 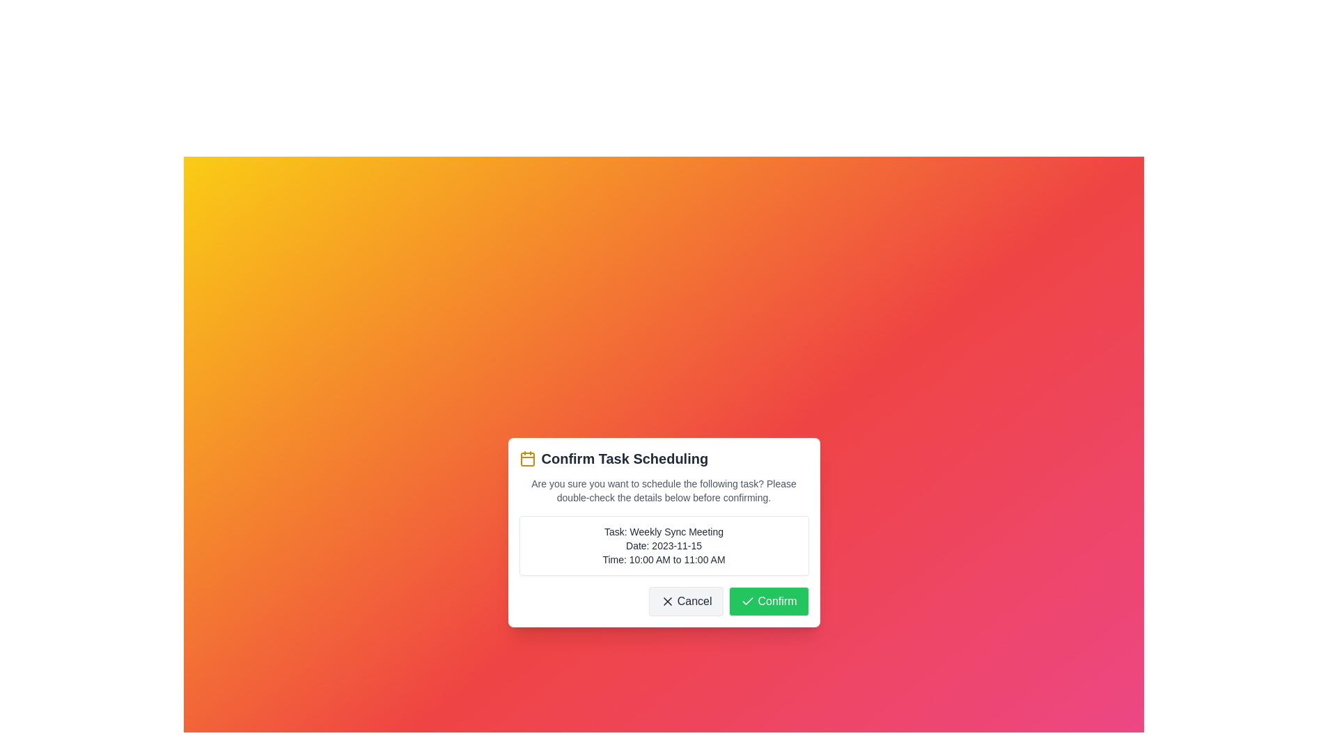 What do you see at coordinates (663, 601) in the screenshot?
I see `the 'Cancel' button located at the bottom-right of the 'Confirm Task Scheduling' dialog box to abort the task scheduling process` at bounding box center [663, 601].